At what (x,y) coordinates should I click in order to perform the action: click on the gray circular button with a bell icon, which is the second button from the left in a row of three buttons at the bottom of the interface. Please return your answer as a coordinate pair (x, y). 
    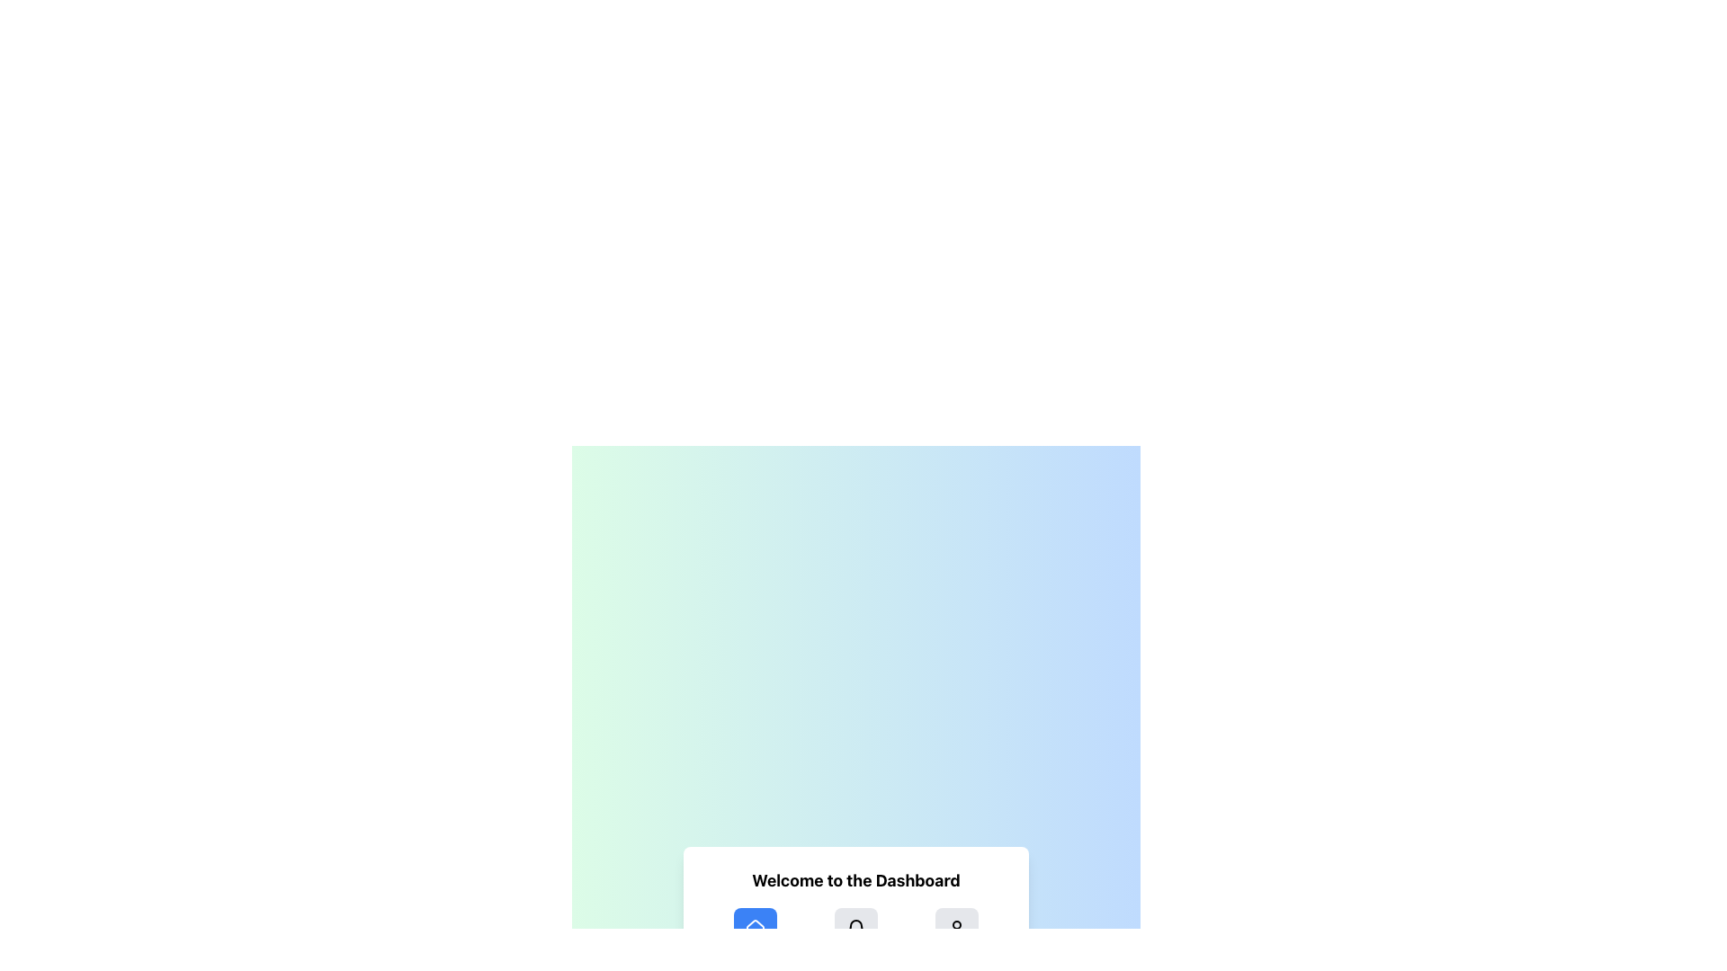
    Looking at the image, I should click on (855, 929).